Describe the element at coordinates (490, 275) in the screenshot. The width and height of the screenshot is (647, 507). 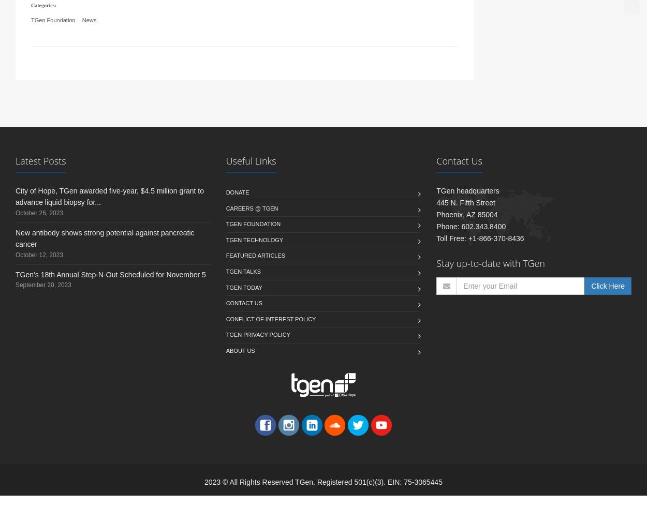
I see `'Stay up-to-date with TGen'` at that location.